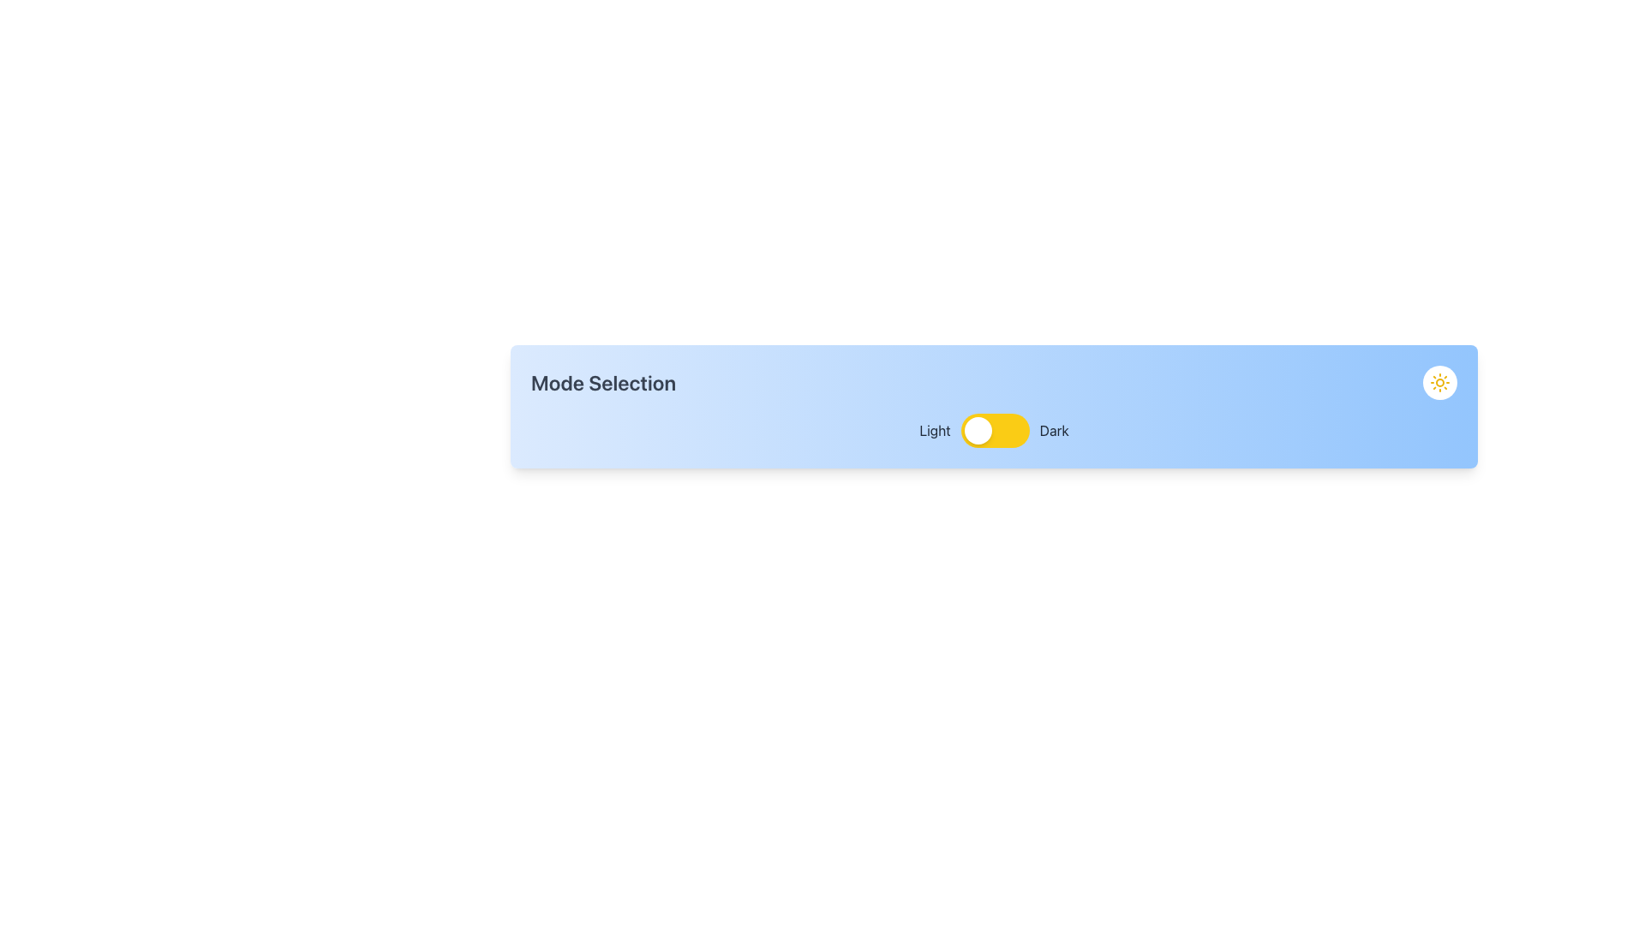 The width and height of the screenshot is (1645, 925). Describe the element at coordinates (994, 429) in the screenshot. I see `the circular indicator of the toggle switch with a yellow background from its current position closer` at that location.